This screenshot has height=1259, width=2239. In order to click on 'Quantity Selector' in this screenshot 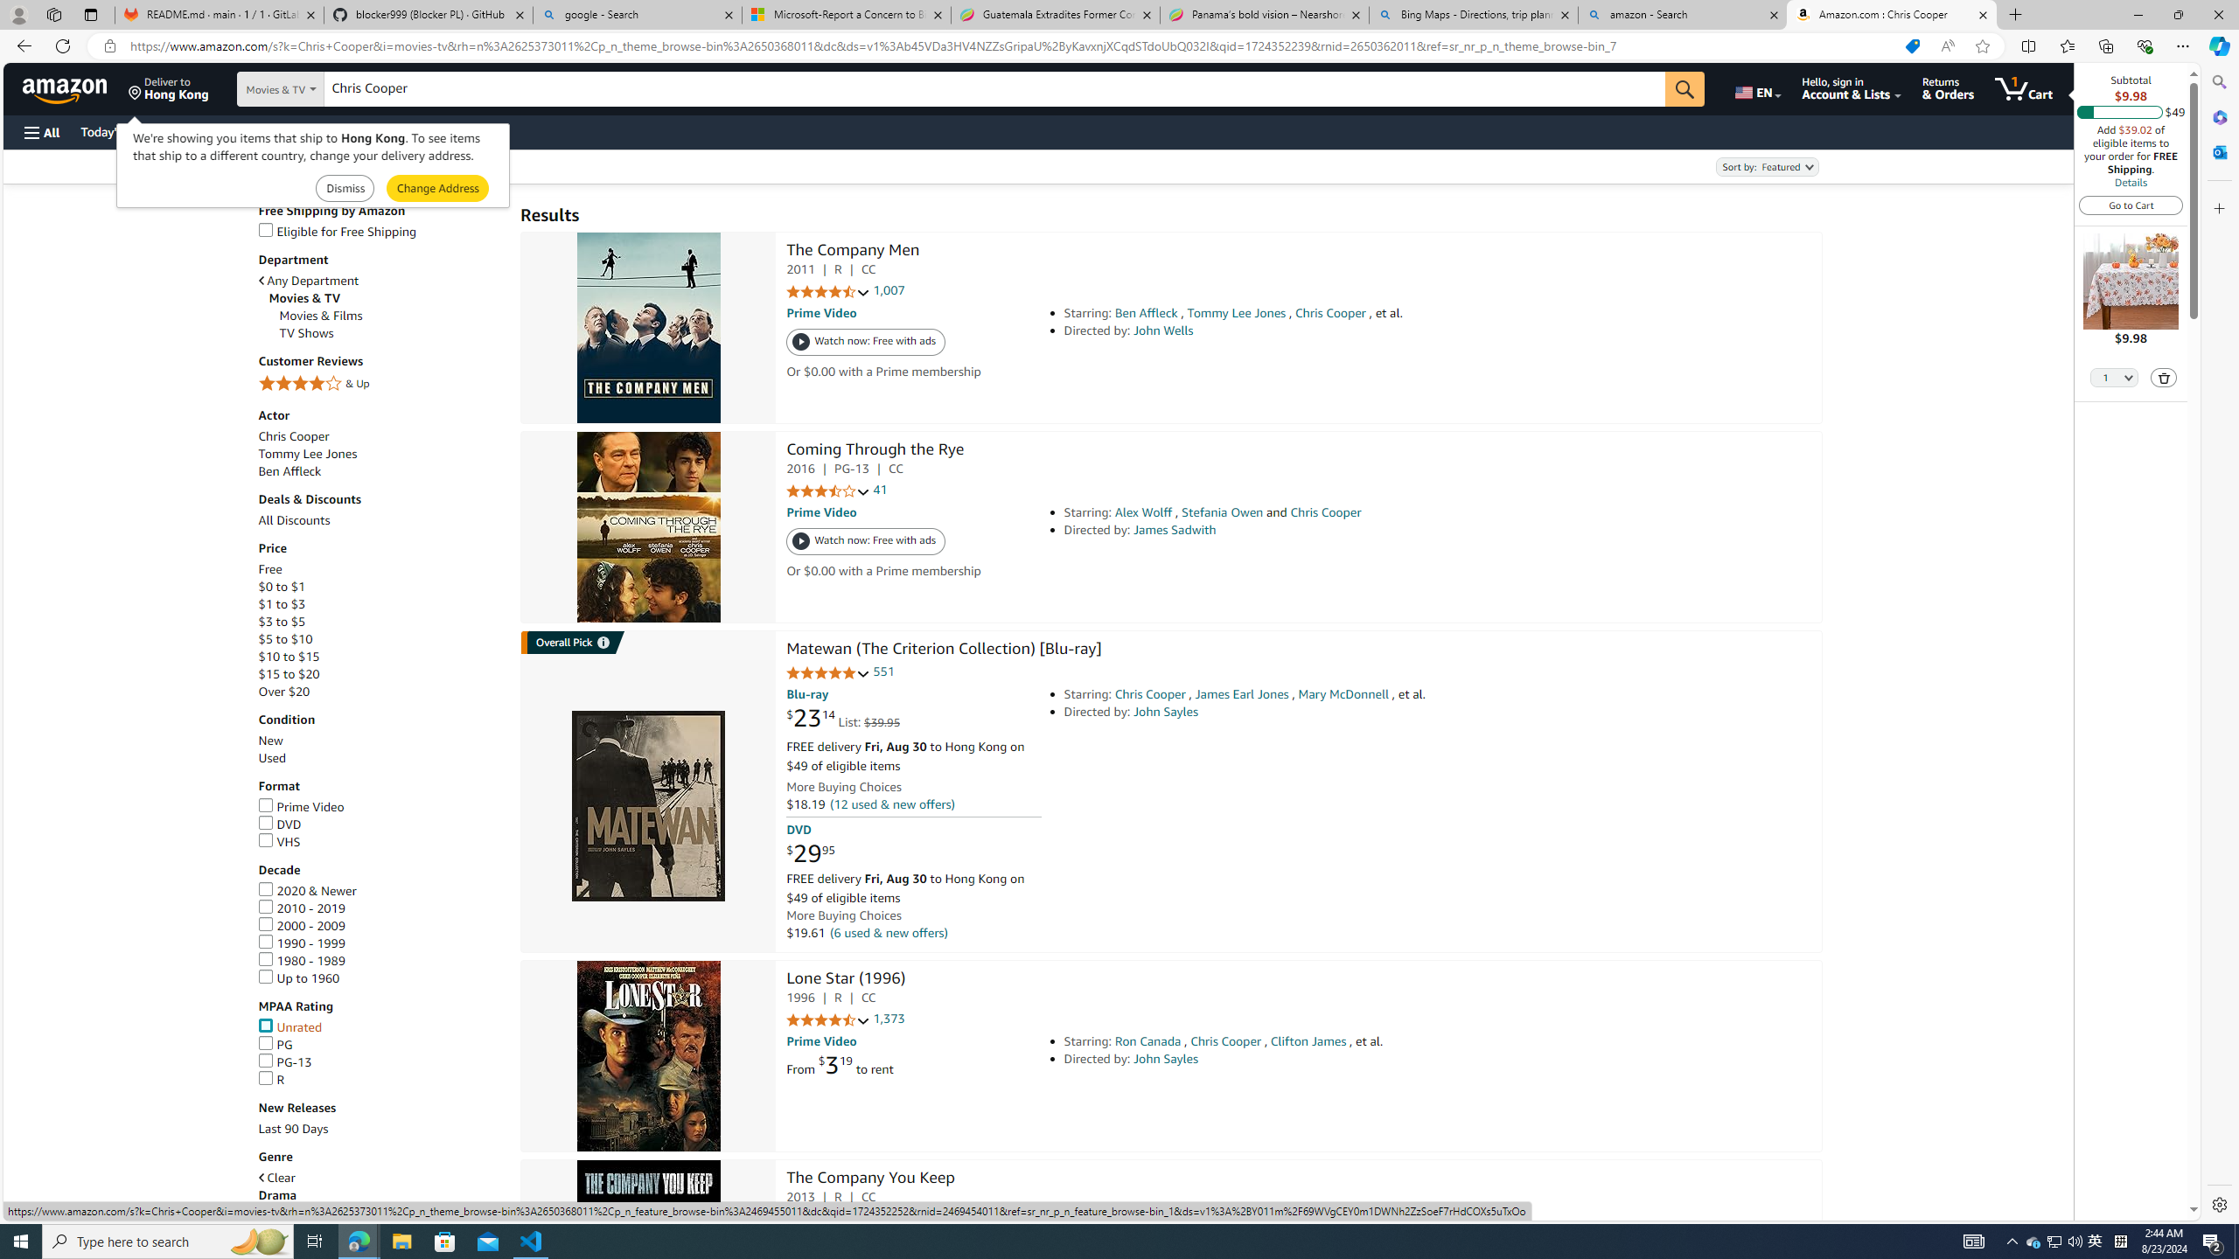, I will do `click(2114, 376)`.